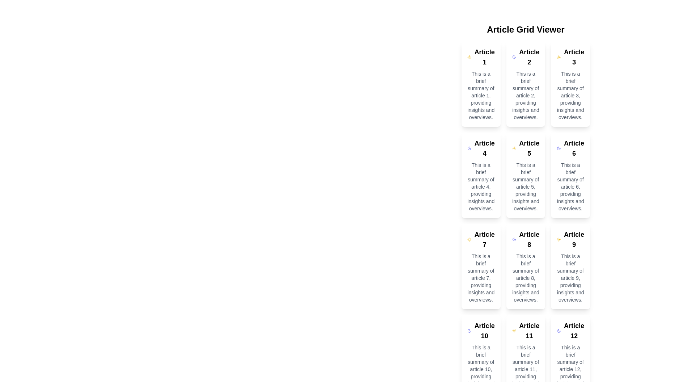  I want to click on the 'Article 3' card located in the top right corner of the article grid viewer, so click(570, 83).